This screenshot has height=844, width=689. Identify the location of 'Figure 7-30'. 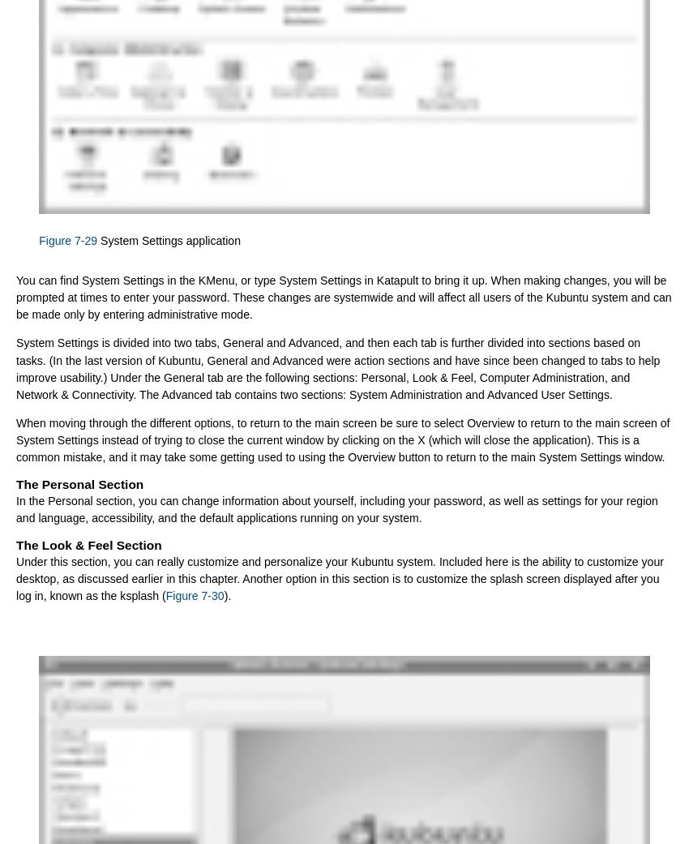
(195, 596).